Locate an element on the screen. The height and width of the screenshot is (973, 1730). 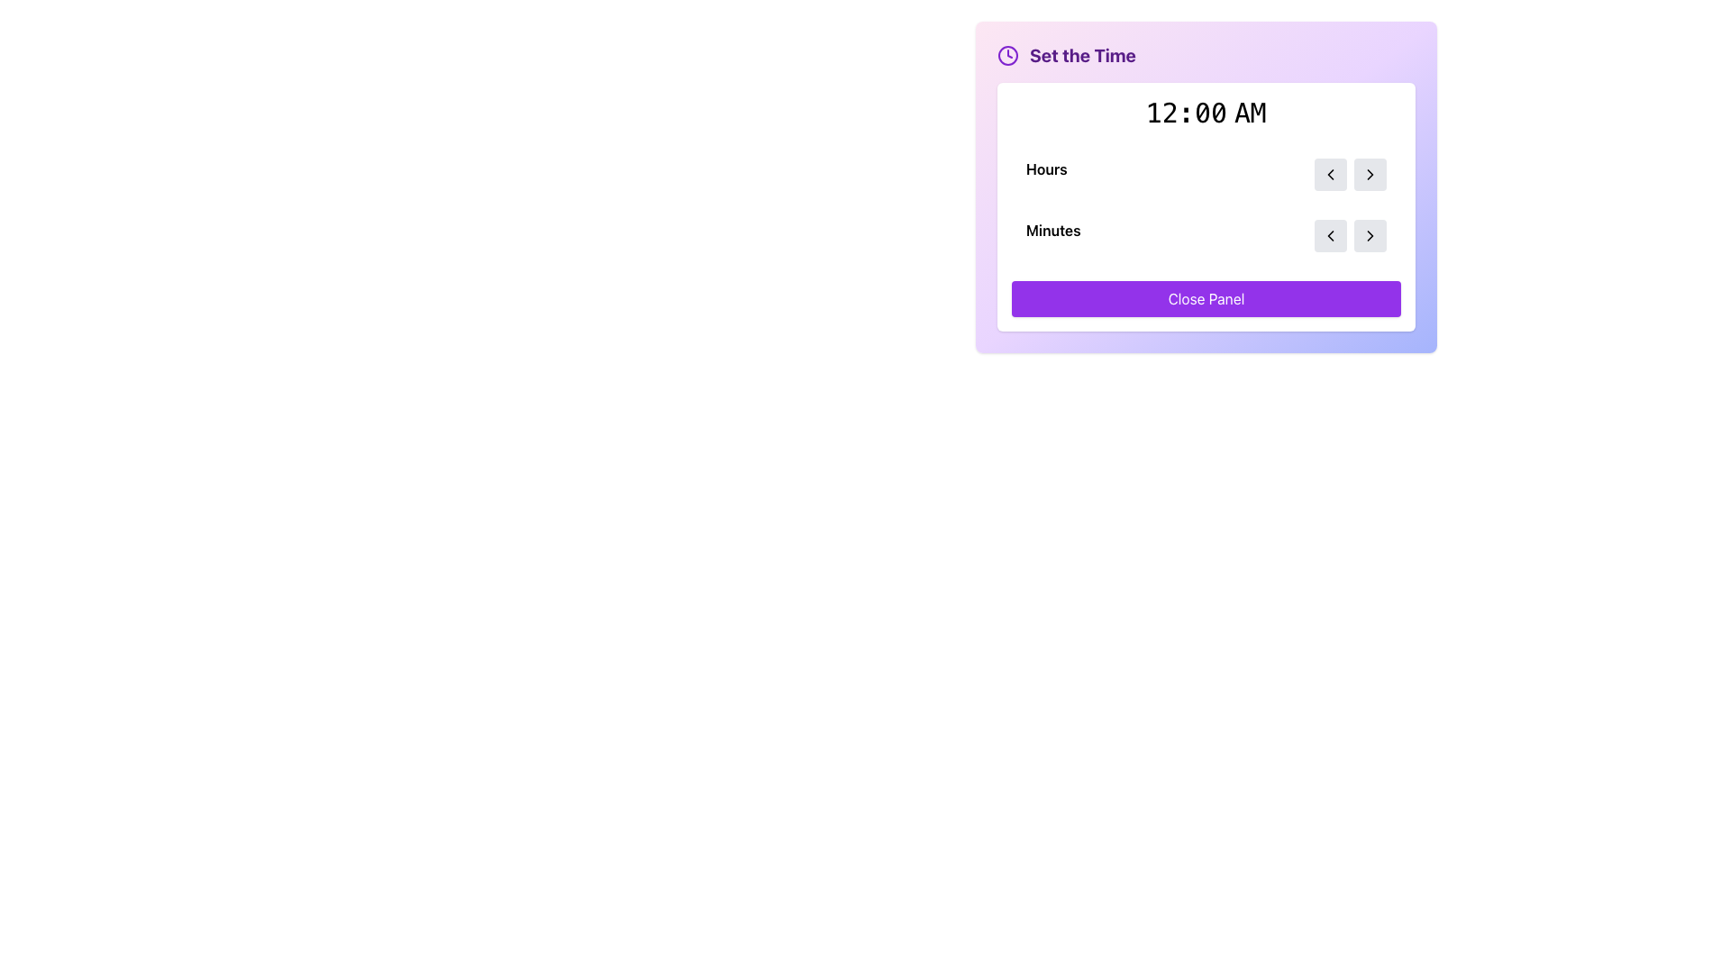
the right arrow button in the Grouped Interactive Buttons located in the 'Hours' section to increment the hour is located at coordinates (1350, 174).